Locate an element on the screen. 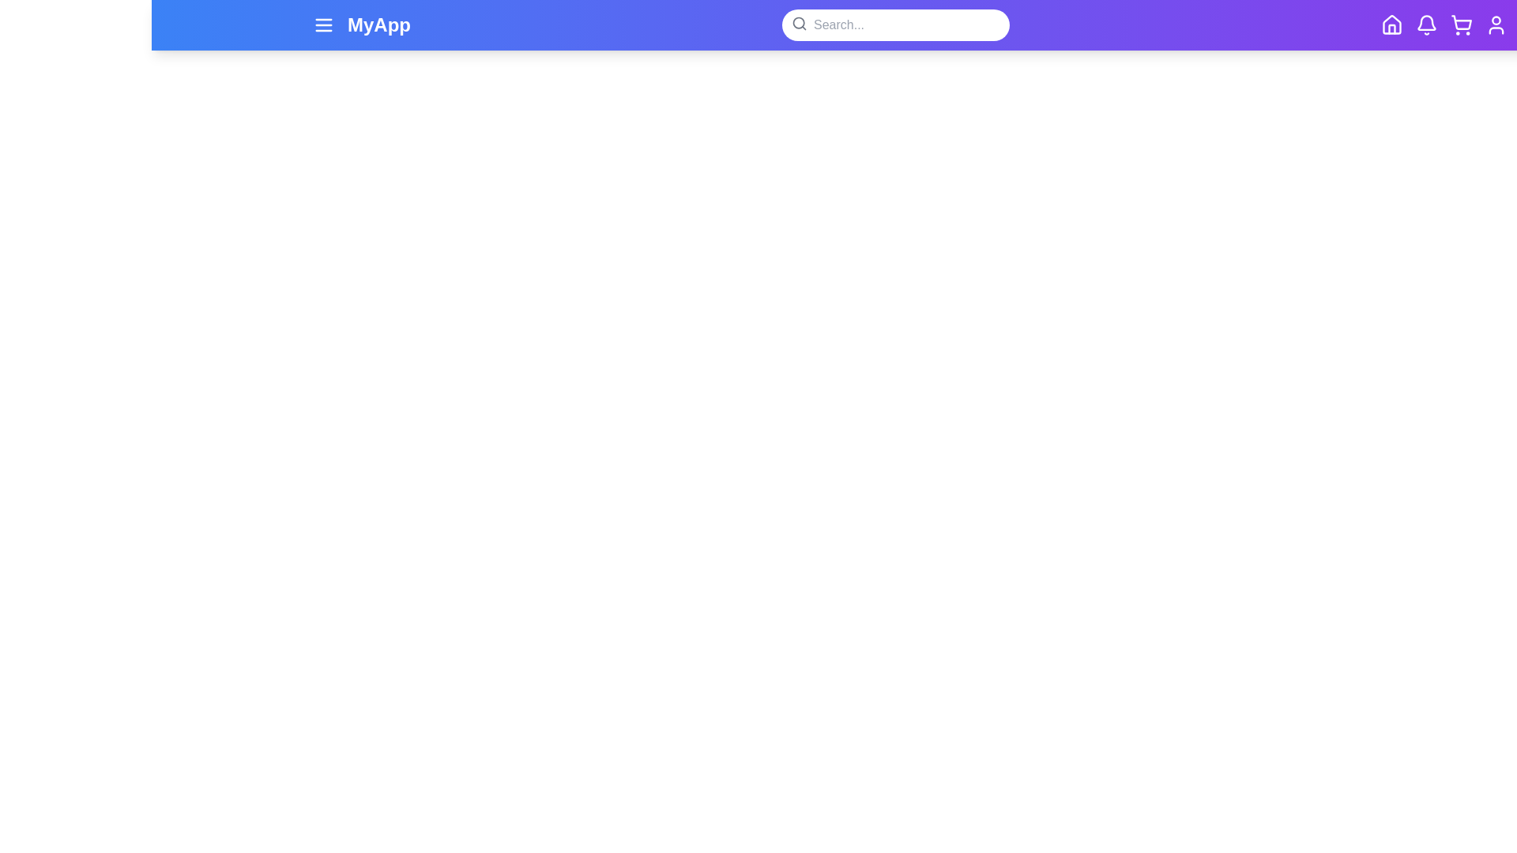 This screenshot has width=1517, height=853. the search bar and type a search query is located at coordinates (895, 24).